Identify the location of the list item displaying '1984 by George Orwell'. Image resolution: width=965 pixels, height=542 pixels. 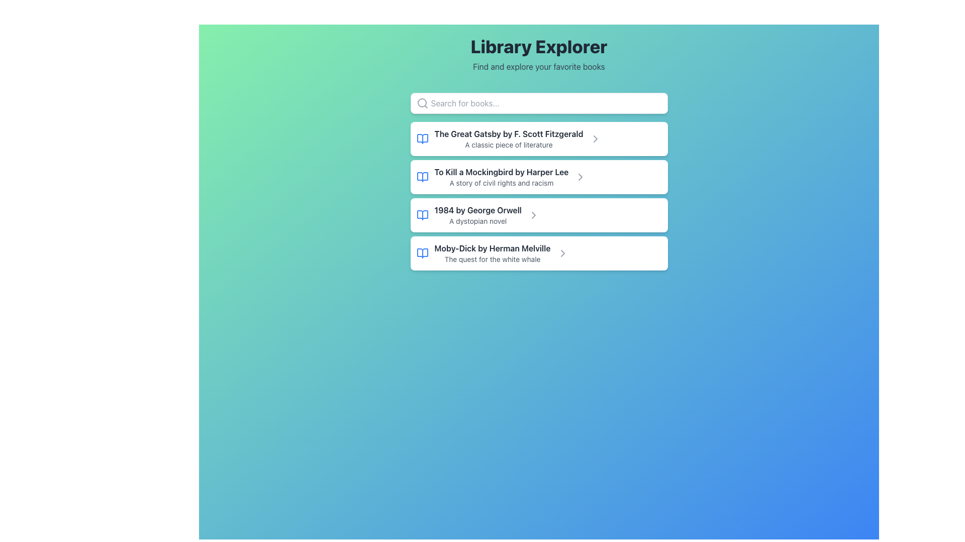
(477, 214).